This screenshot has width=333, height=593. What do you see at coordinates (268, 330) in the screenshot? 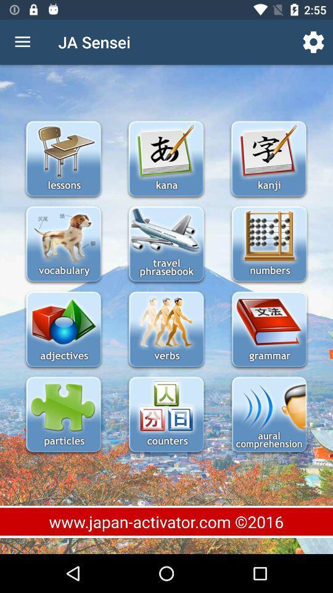
I see `grammar` at bounding box center [268, 330].